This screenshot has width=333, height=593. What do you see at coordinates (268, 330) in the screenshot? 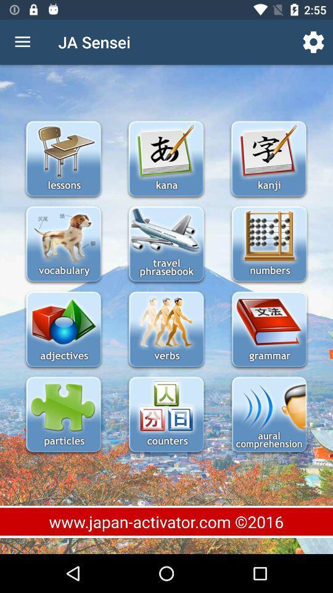
I see `grammar` at bounding box center [268, 330].